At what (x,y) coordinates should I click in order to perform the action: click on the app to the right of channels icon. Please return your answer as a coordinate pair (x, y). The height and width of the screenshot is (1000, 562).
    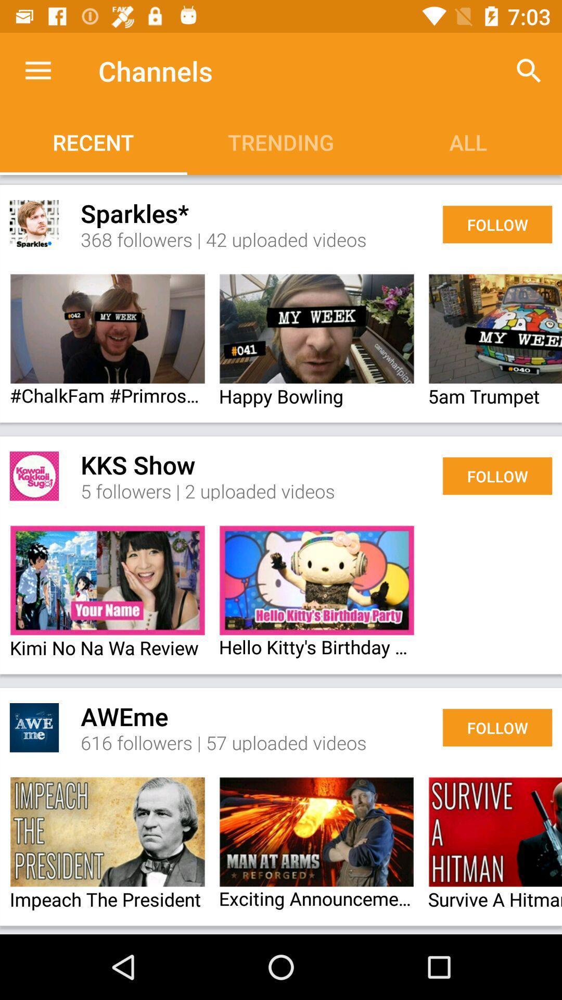
    Looking at the image, I should click on (529, 70).